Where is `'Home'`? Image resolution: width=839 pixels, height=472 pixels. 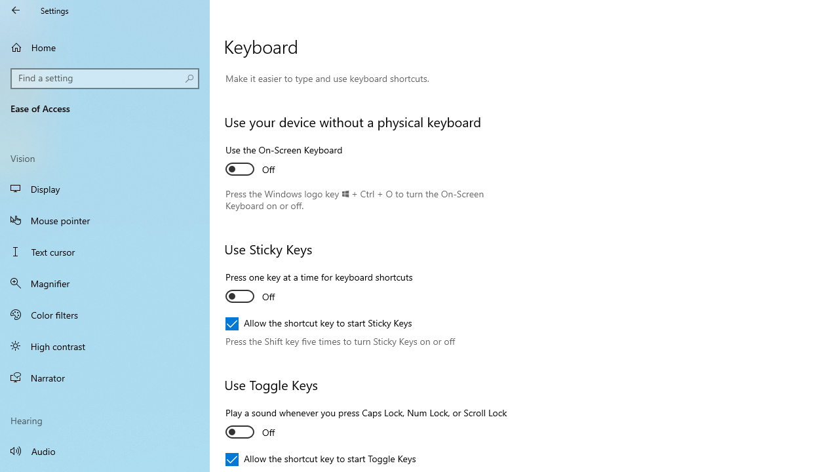 'Home' is located at coordinates (105, 47).